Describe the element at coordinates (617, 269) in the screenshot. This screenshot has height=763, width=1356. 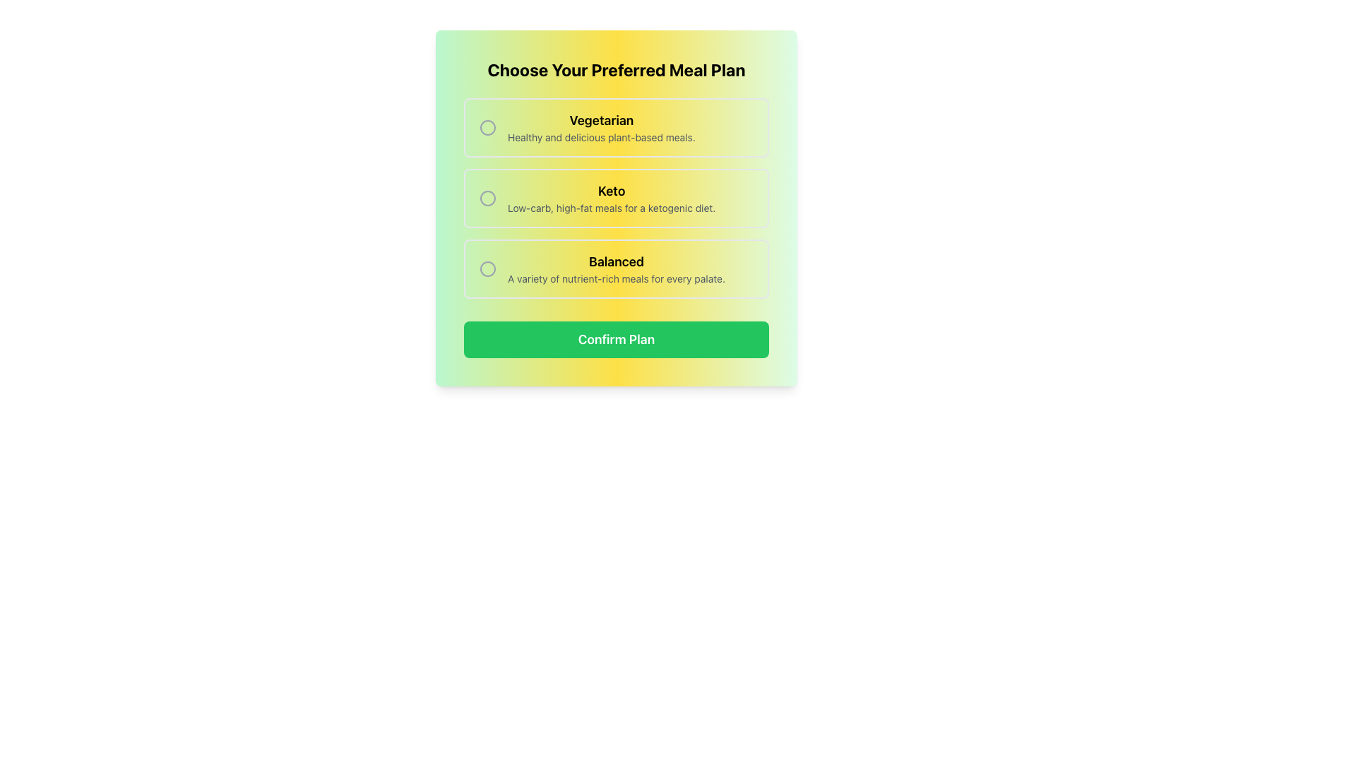
I see `descriptive text label for the 'Balanced' meal plan option, which provides information to assist users in their selection` at that location.